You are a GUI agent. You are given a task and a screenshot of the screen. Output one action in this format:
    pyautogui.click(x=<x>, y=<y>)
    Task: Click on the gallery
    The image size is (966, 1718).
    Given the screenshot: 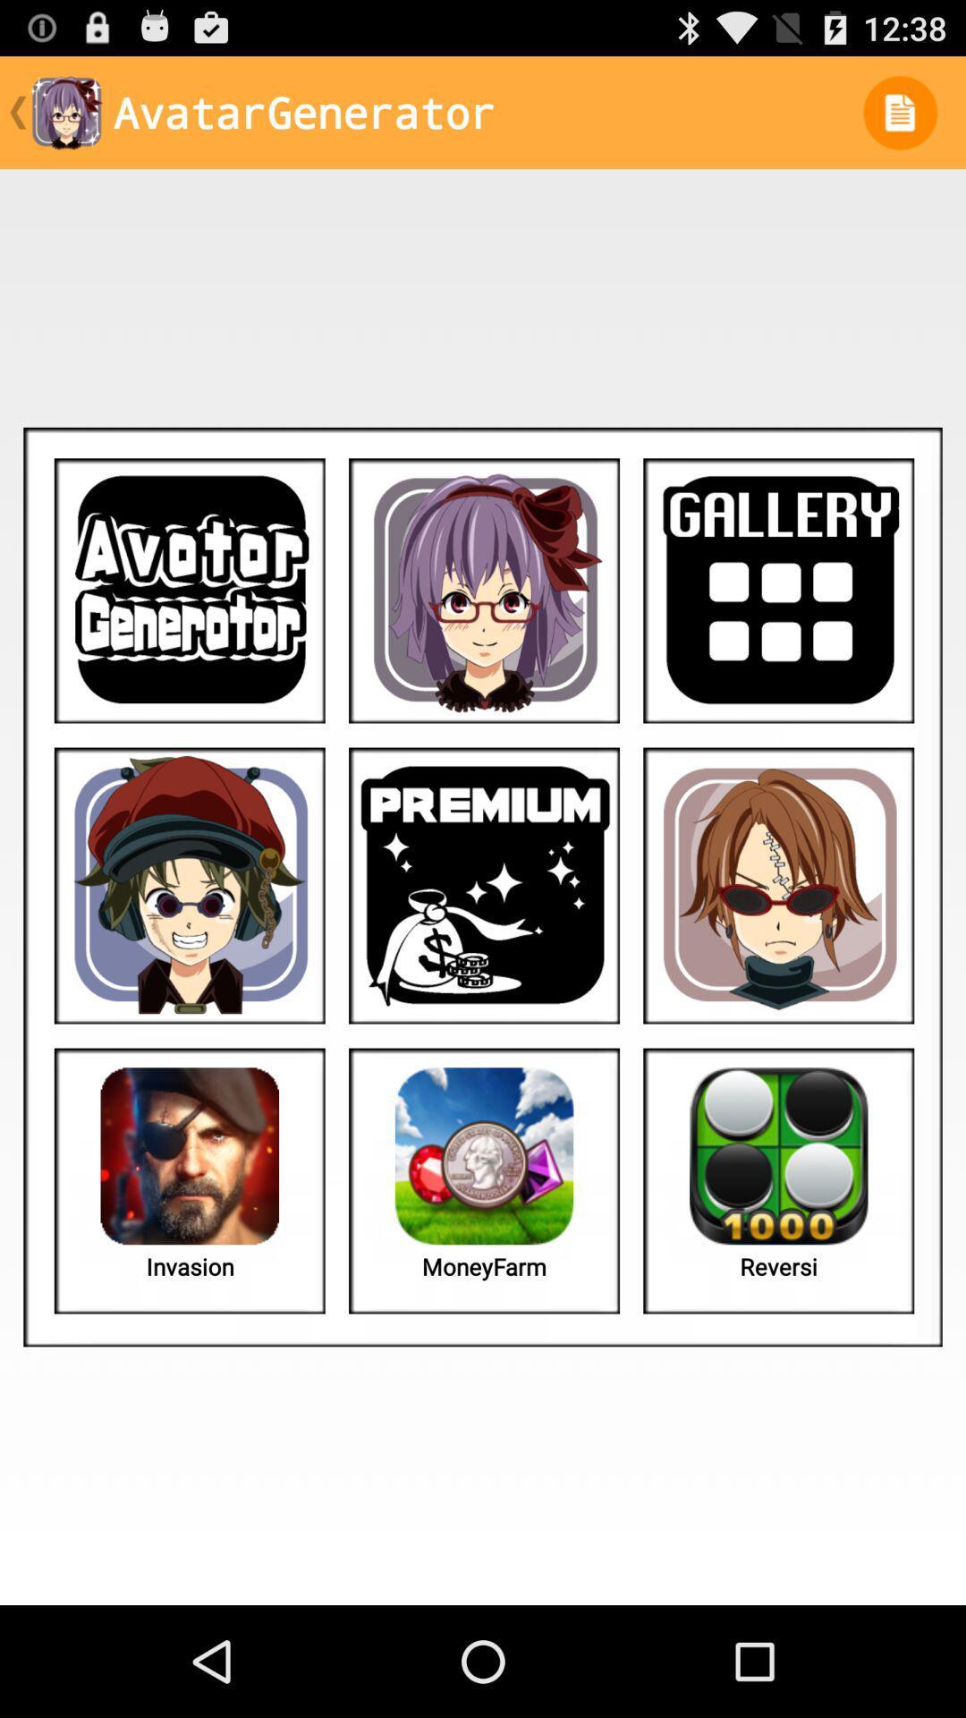 What is the action you would take?
    pyautogui.click(x=777, y=591)
    